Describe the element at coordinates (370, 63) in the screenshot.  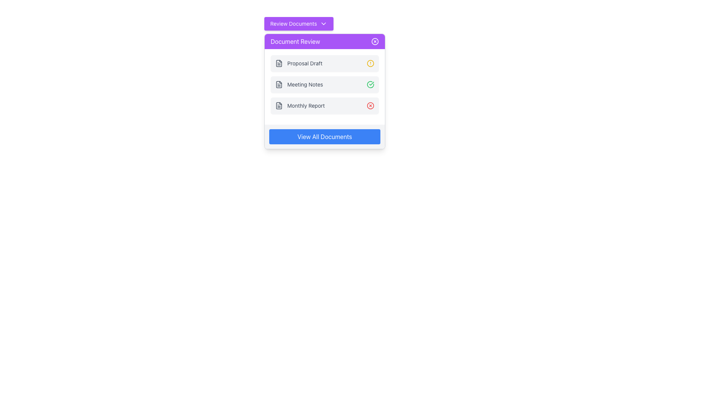
I see `the circular icon with a yellow outline, styled as a warning symbol, located to the right of the 'Proposal Draft' text in the Document Review section's first row` at that location.